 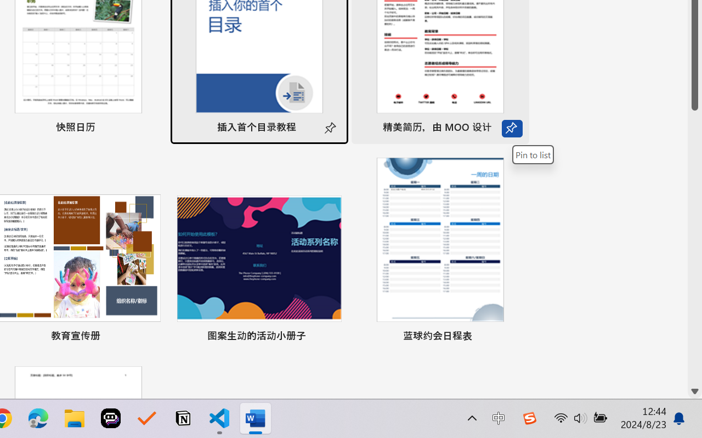 I want to click on 'Line down', so click(x=694, y=391).